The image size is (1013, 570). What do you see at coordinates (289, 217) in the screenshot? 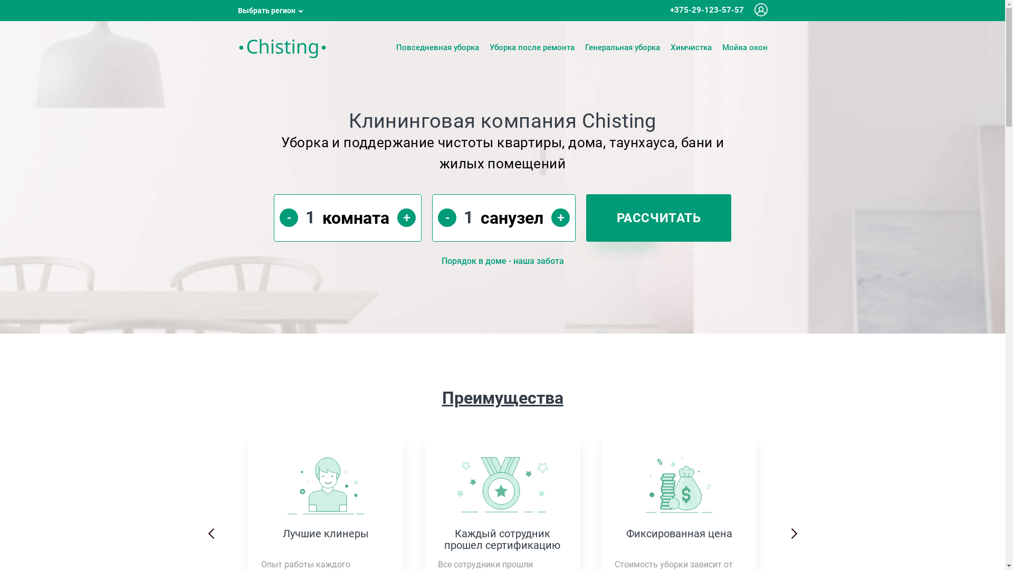
I see `'-'` at bounding box center [289, 217].